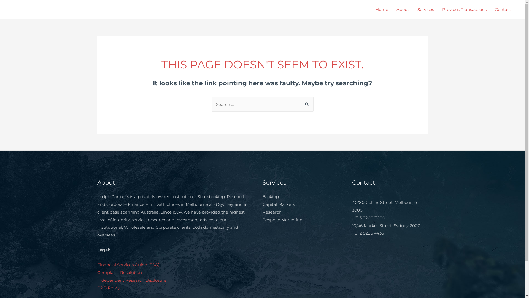 This screenshot has width=529, height=298. Describe the element at coordinates (368, 233) in the screenshot. I see `'+61 2 9225 4433'` at that location.